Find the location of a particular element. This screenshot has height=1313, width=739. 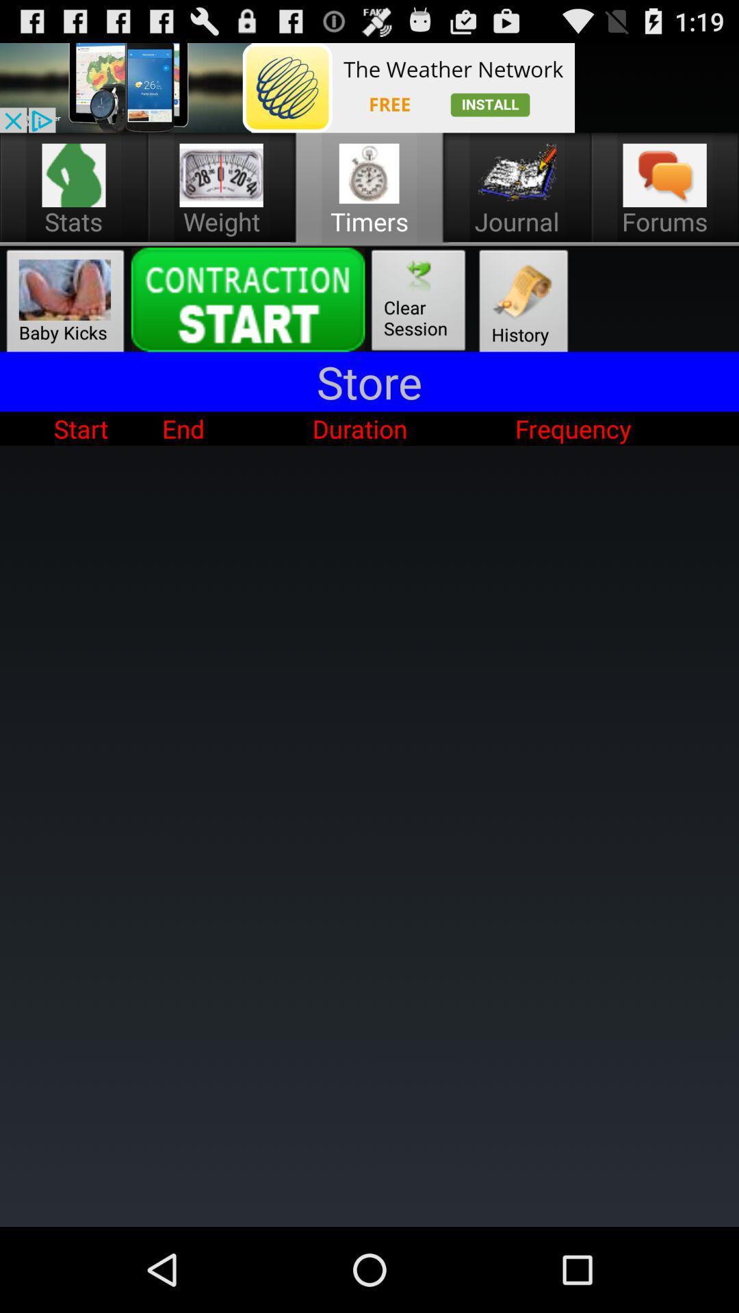

contraction feature is located at coordinates (248, 299).